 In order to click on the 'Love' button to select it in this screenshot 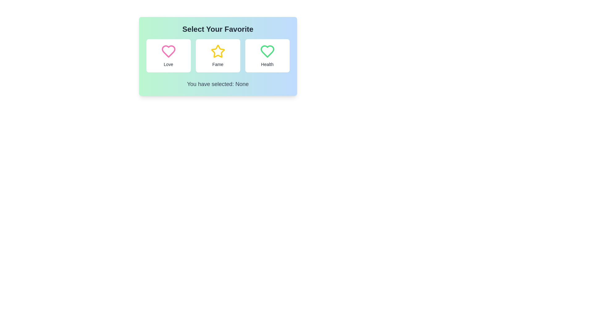, I will do `click(168, 56)`.